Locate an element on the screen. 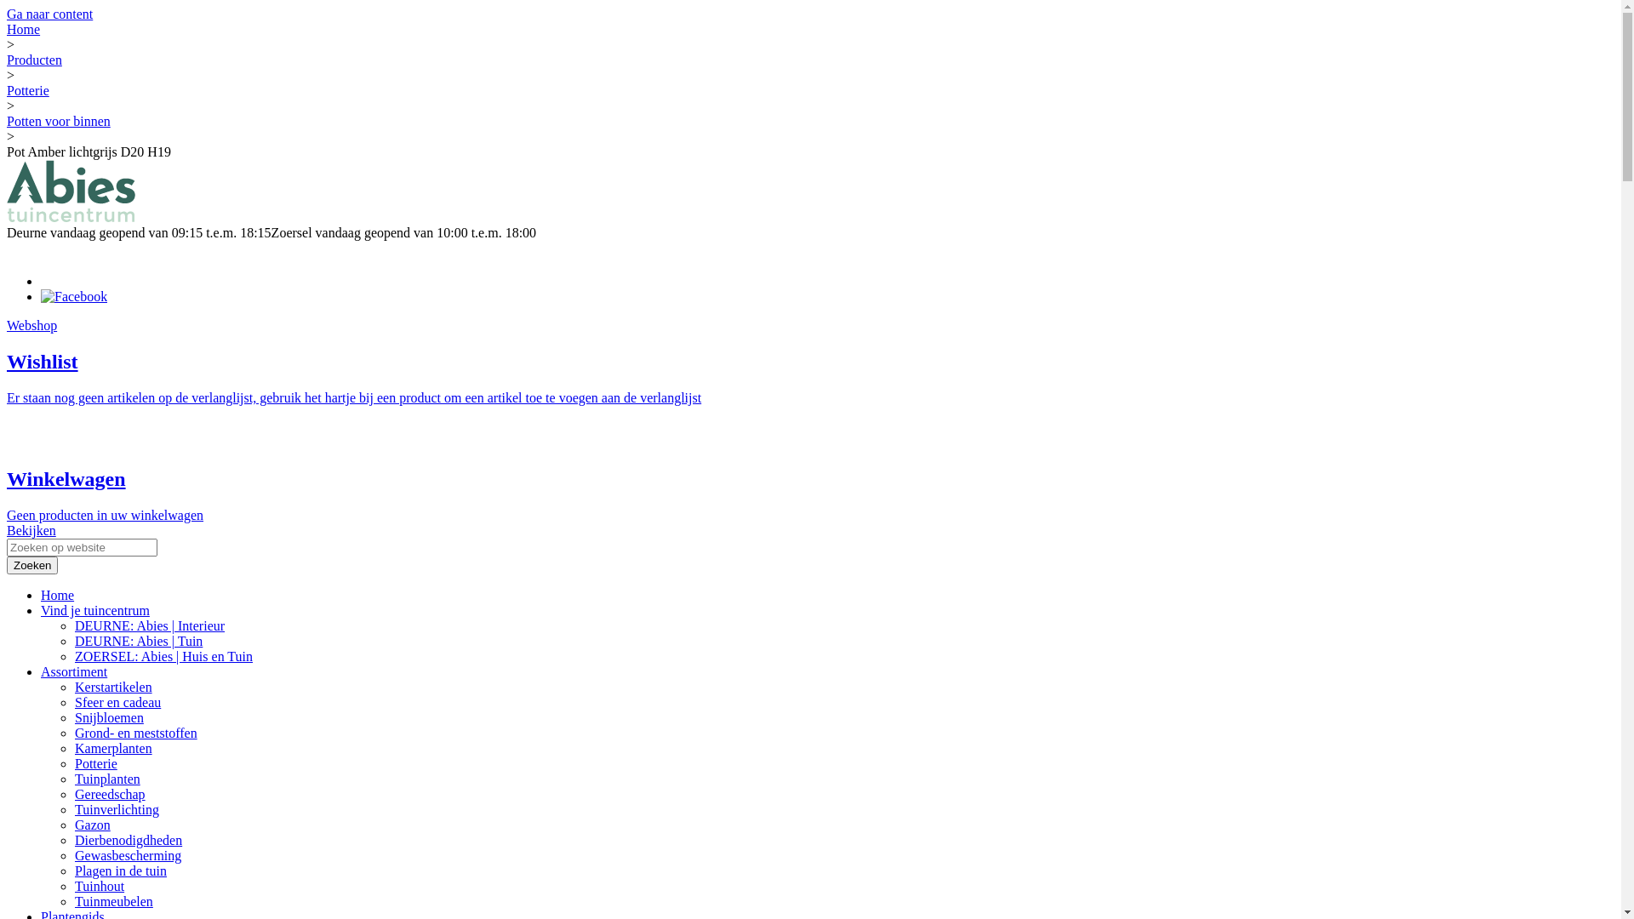  'Snijbloemen' is located at coordinates (108, 717).